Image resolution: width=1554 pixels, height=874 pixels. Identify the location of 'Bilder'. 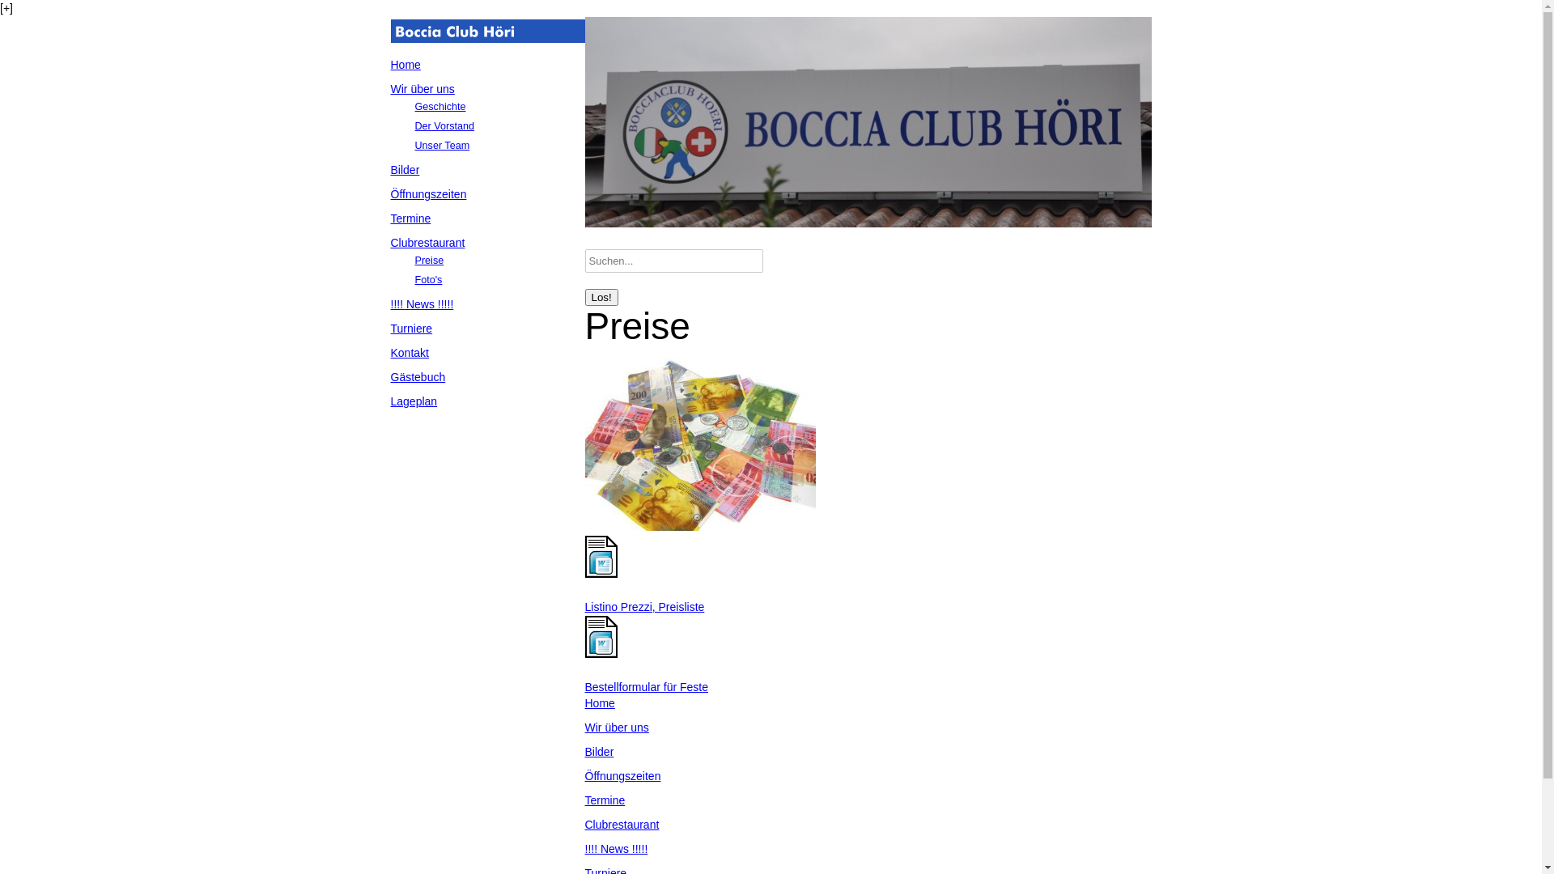
(597, 752).